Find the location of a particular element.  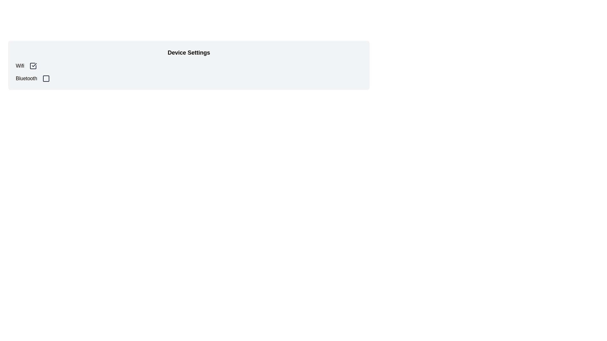

the Bluetooth checkbox located next to the text 'Bluetooth' is located at coordinates (46, 78).